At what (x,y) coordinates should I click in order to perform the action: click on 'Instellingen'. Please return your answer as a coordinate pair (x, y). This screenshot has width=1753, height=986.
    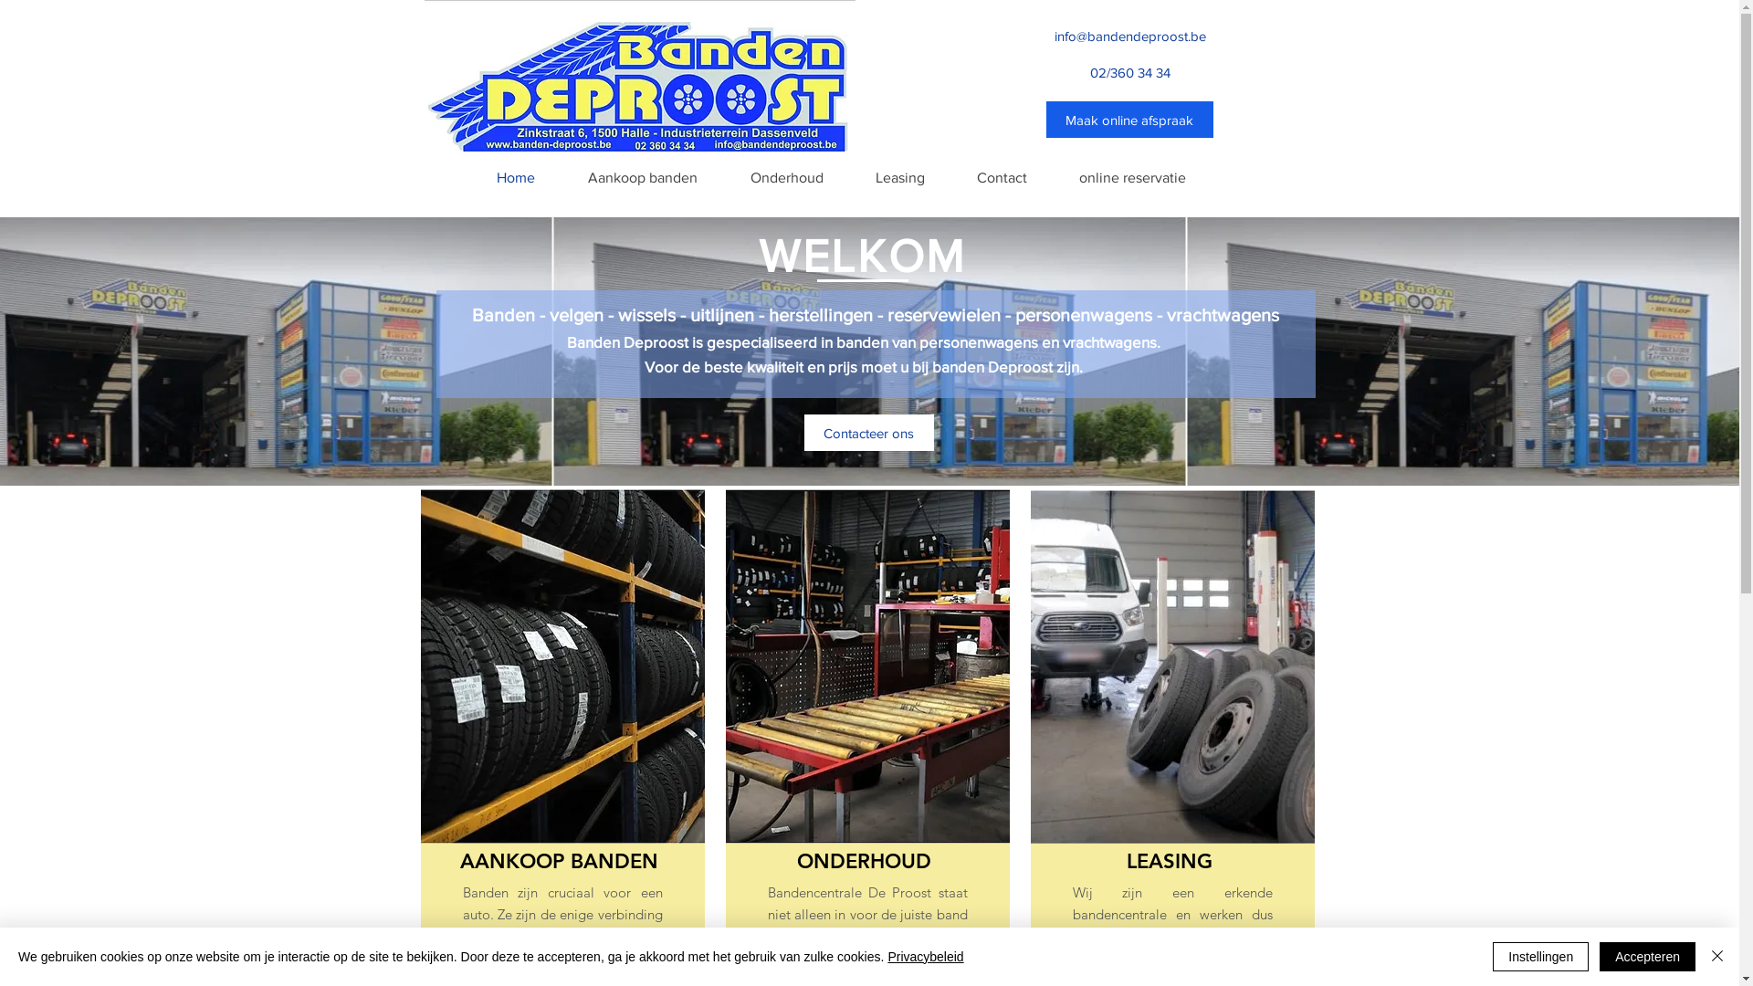
    Looking at the image, I should click on (1539, 956).